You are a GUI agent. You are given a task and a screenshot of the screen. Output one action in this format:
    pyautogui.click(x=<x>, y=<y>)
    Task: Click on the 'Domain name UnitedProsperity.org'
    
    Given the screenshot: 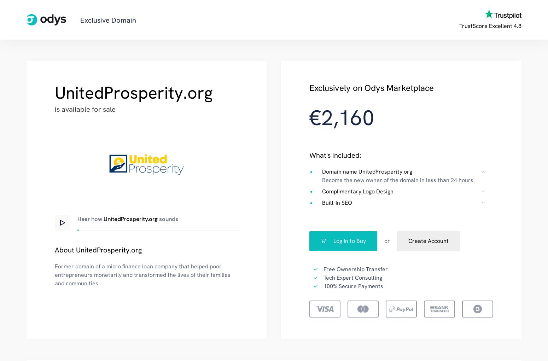 What is the action you would take?
    pyautogui.click(x=367, y=171)
    